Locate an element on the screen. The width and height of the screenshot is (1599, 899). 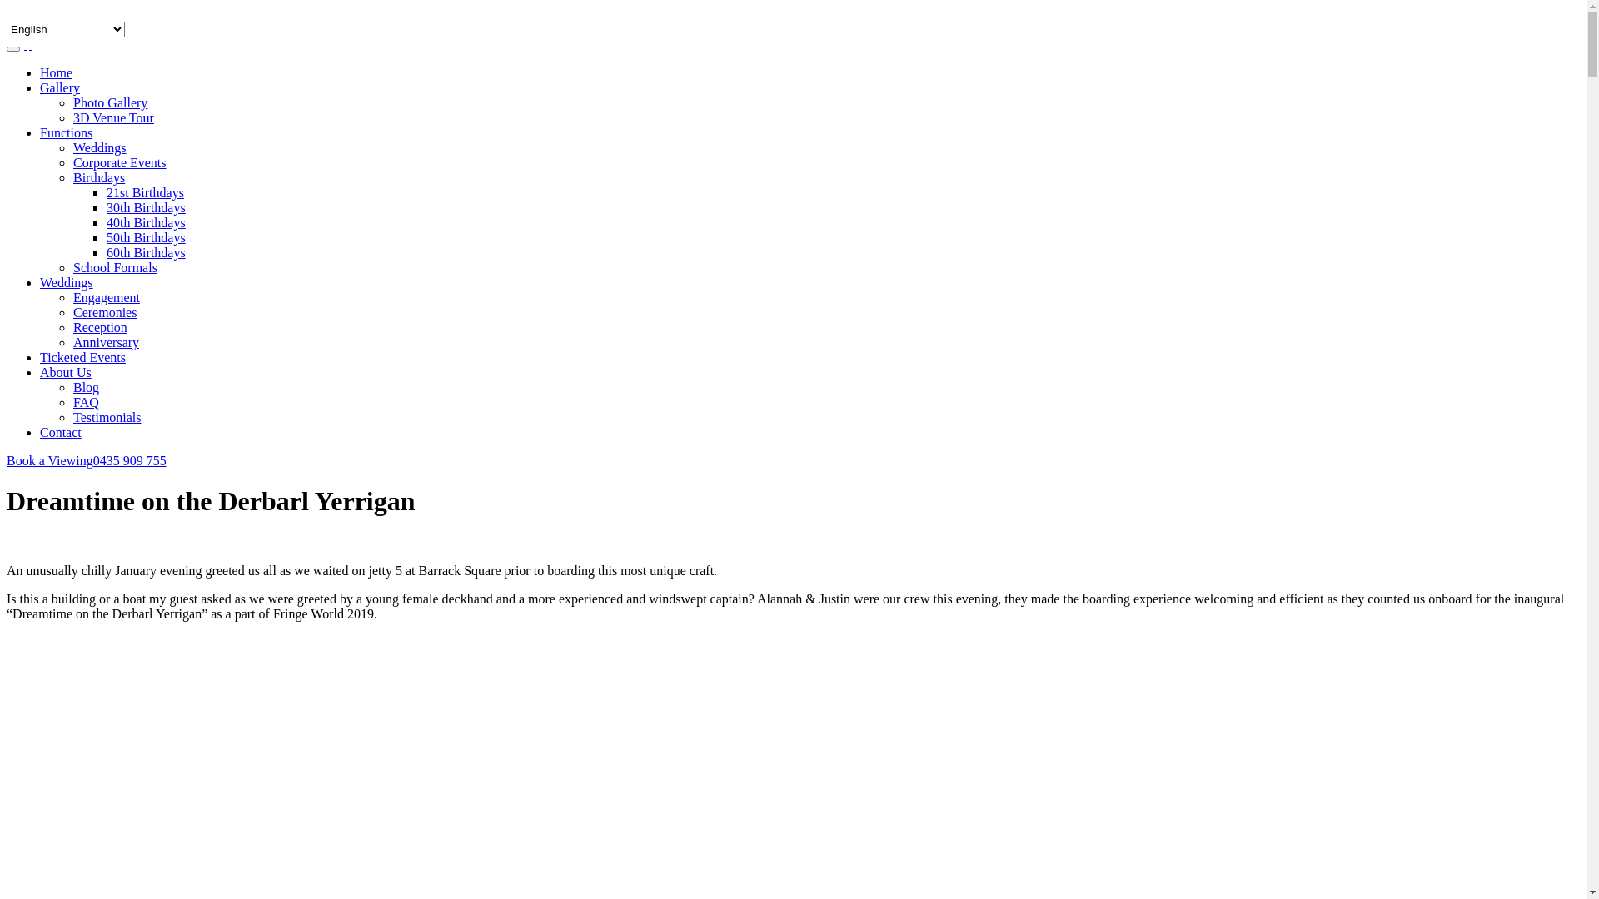
'Ticketed Events' is located at coordinates (40, 356).